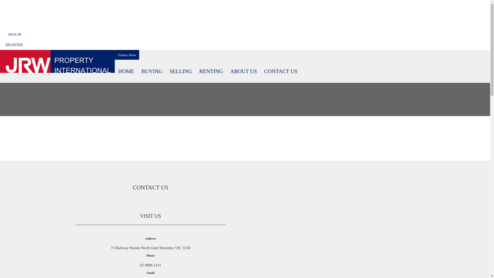  What do you see at coordinates (166, 71) in the screenshot?
I see `'SELLING'` at bounding box center [166, 71].